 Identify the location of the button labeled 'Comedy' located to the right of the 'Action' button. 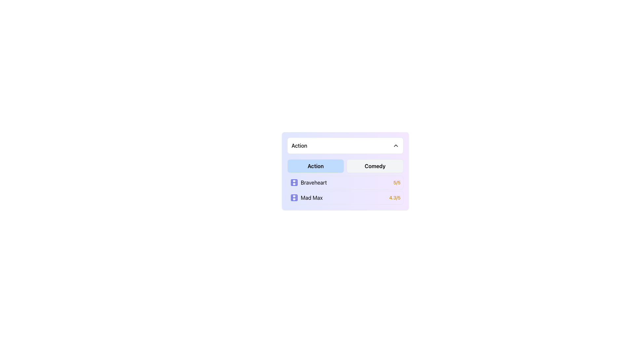
(375, 166).